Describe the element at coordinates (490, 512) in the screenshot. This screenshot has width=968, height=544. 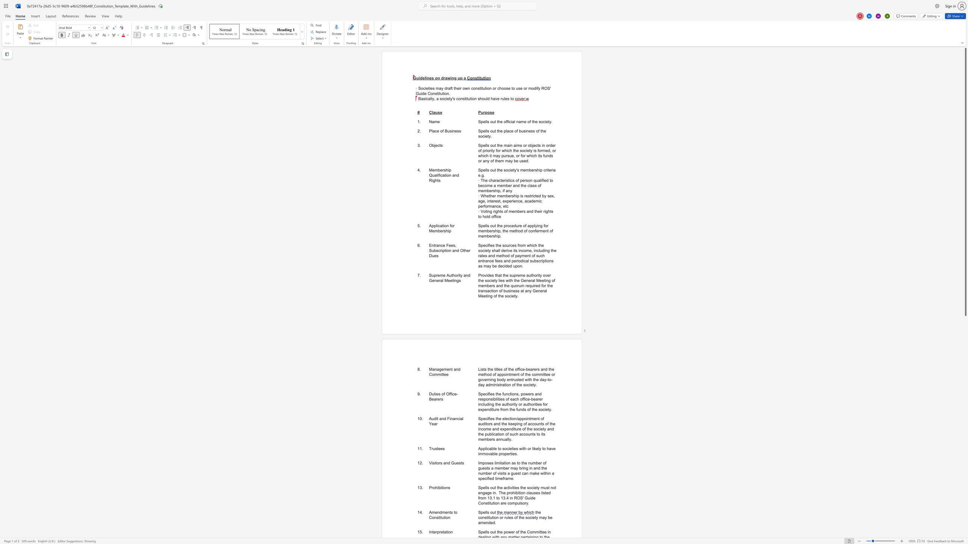
I see `the subset text "out" within the text "Spells out"` at that location.